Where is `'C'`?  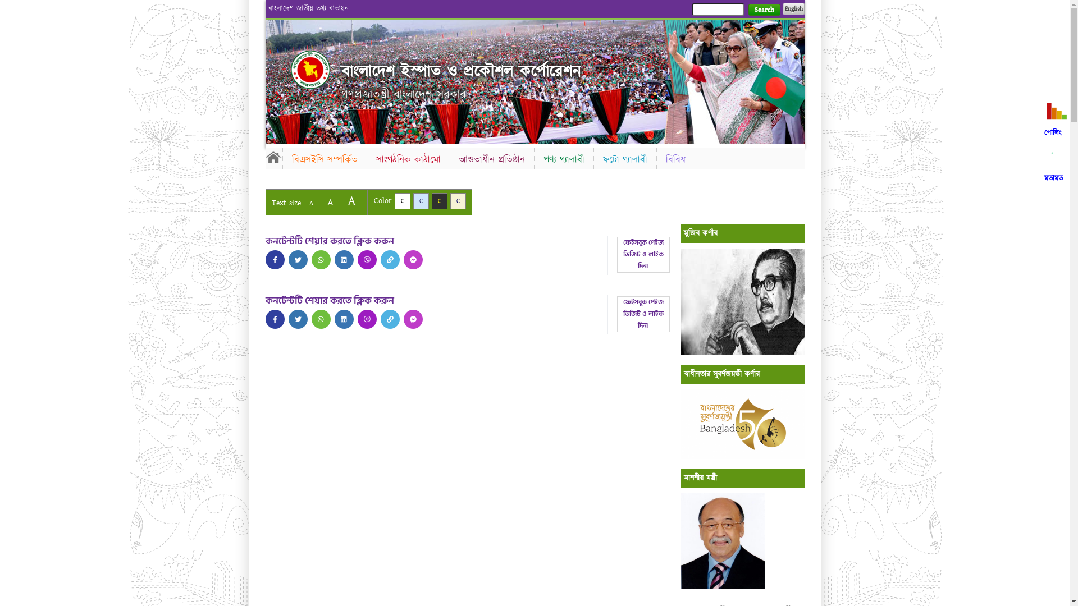
'C' is located at coordinates (458, 200).